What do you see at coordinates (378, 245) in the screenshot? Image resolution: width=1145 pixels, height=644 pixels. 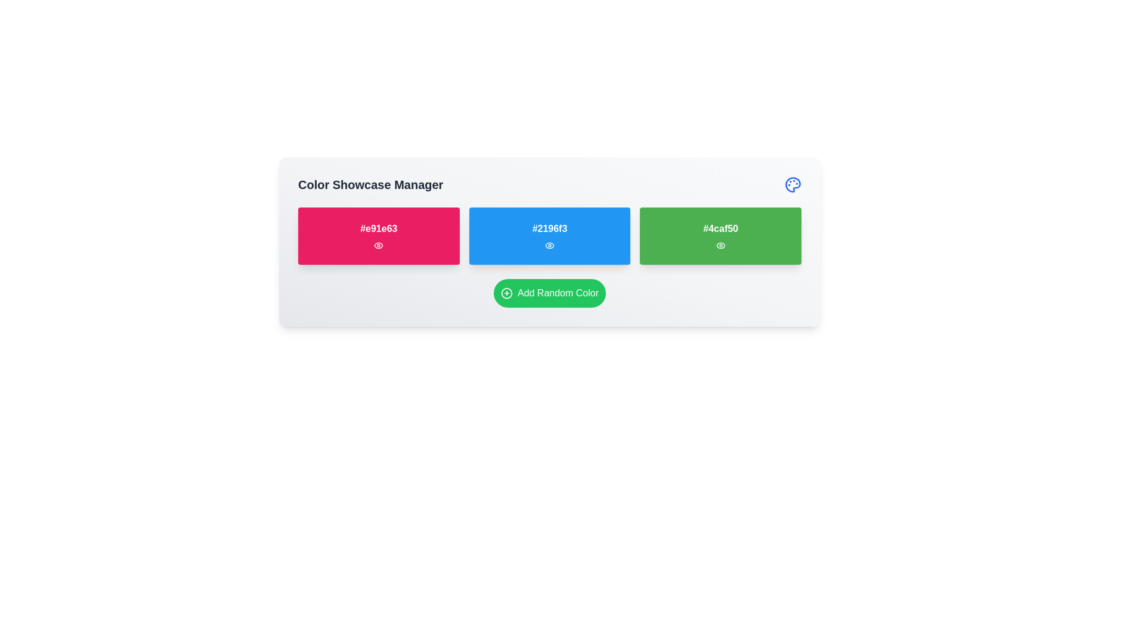 I see `the eye icon located at the bottom of the pink card labeled '#e91e63'` at bounding box center [378, 245].